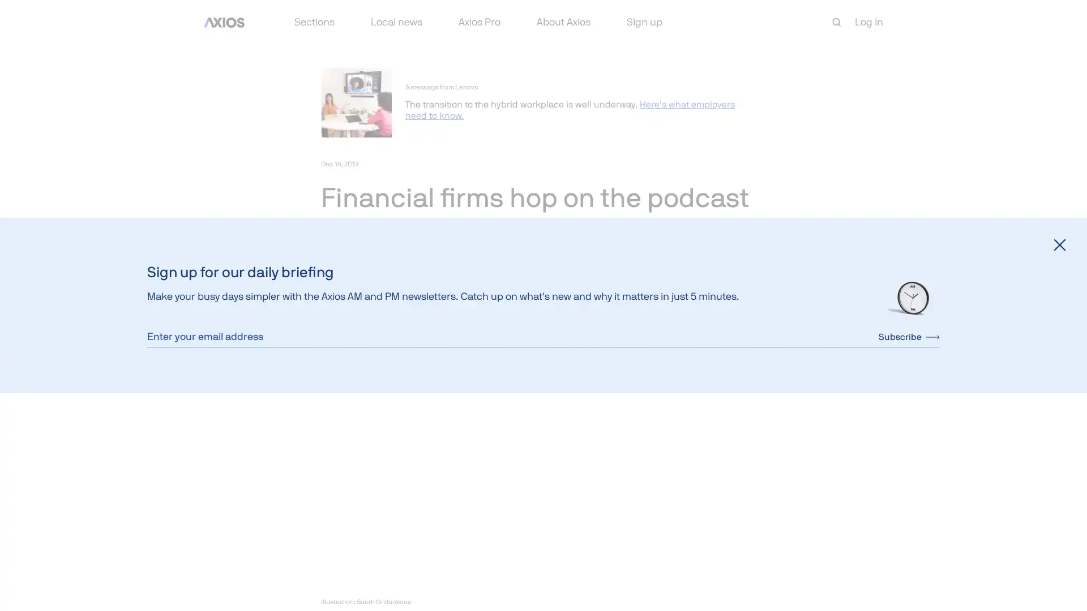  What do you see at coordinates (837, 22) in the screenshot?
I see `open search` at bounding box center [837, 22].